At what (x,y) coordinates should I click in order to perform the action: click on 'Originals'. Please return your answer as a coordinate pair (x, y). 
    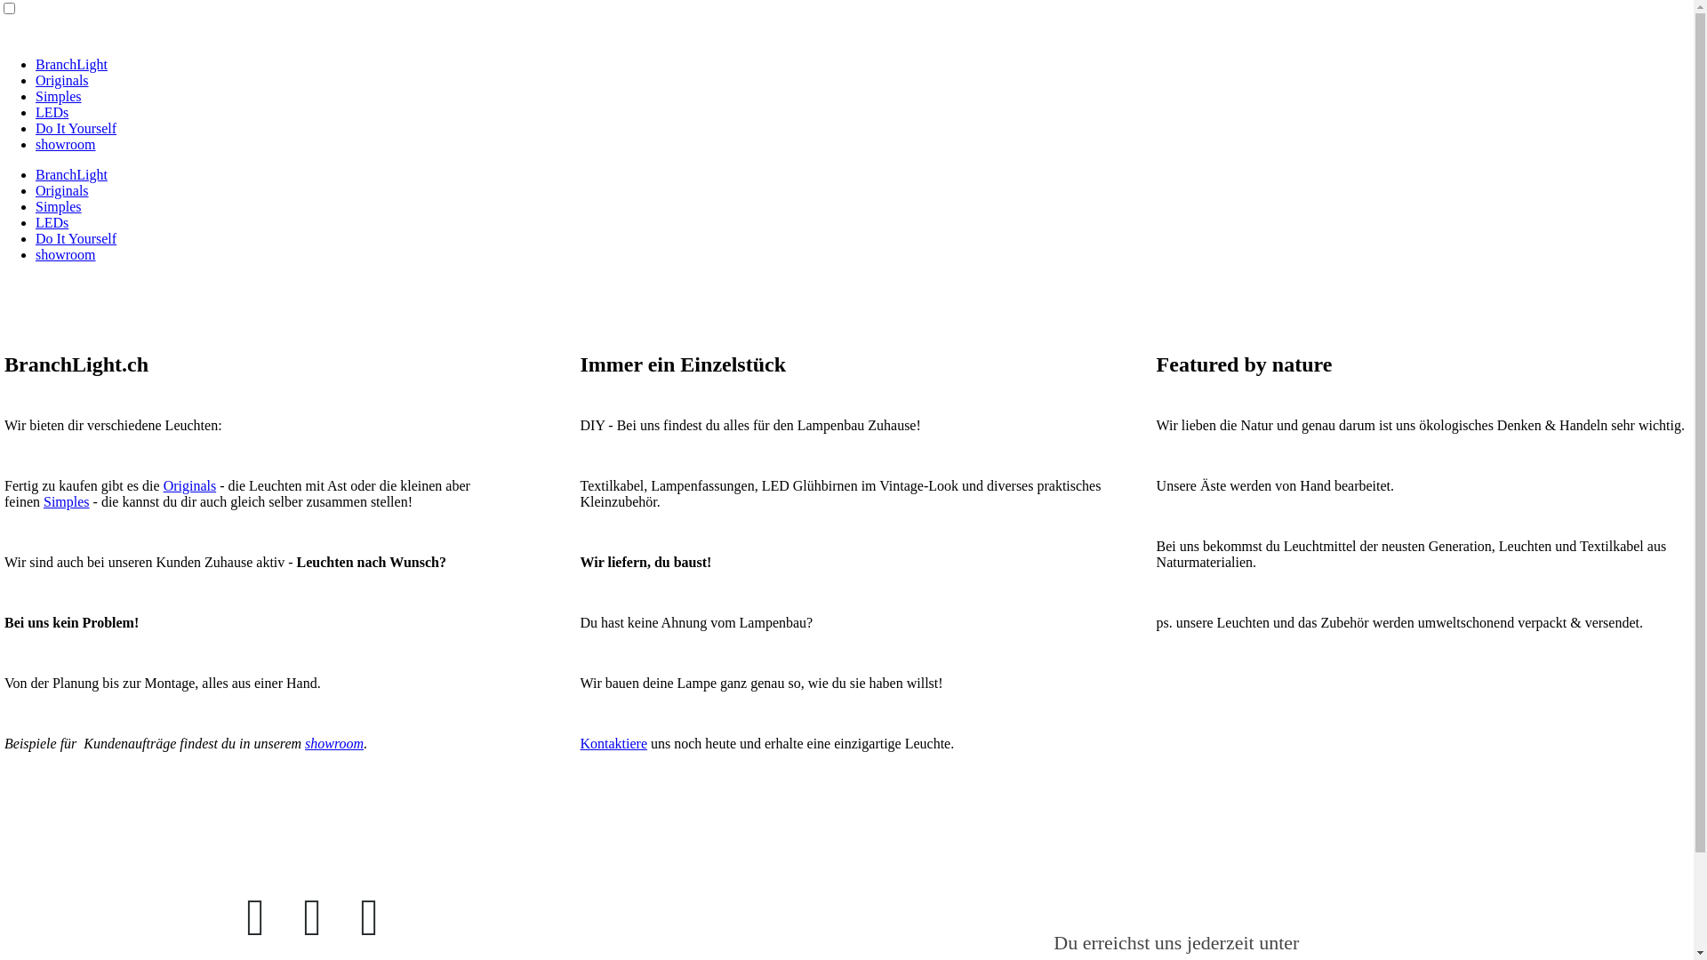
    Looking at the image, I should click on (190, 485).